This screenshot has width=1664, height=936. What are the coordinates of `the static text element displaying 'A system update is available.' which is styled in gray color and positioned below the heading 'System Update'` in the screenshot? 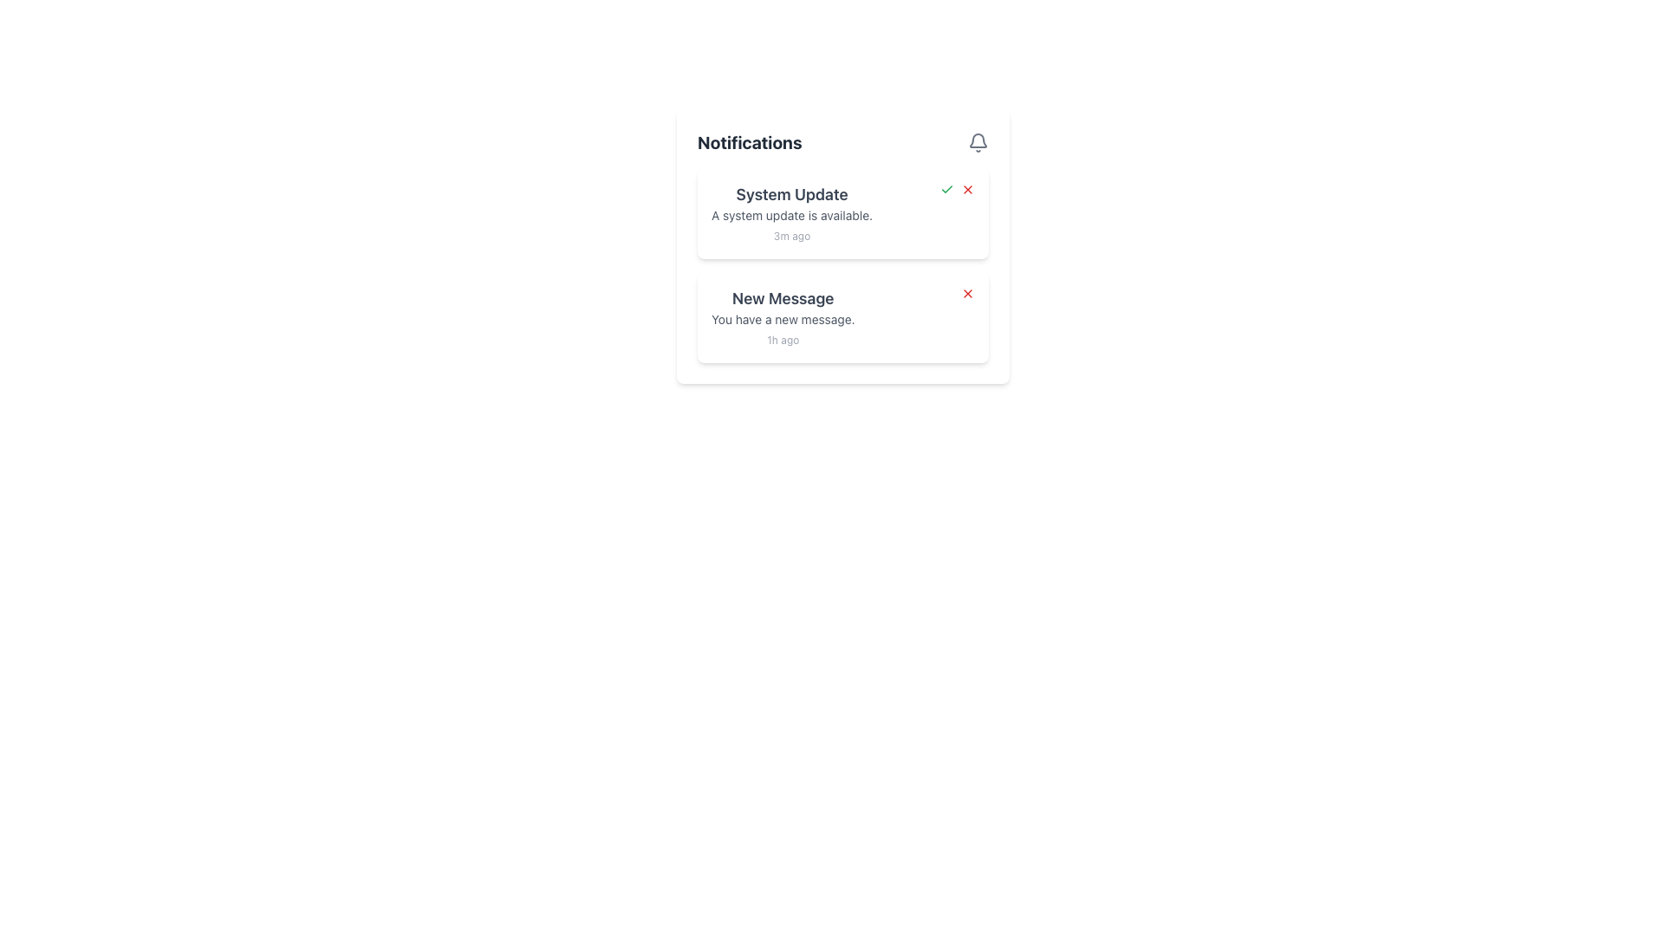 It's located at (791, 215).